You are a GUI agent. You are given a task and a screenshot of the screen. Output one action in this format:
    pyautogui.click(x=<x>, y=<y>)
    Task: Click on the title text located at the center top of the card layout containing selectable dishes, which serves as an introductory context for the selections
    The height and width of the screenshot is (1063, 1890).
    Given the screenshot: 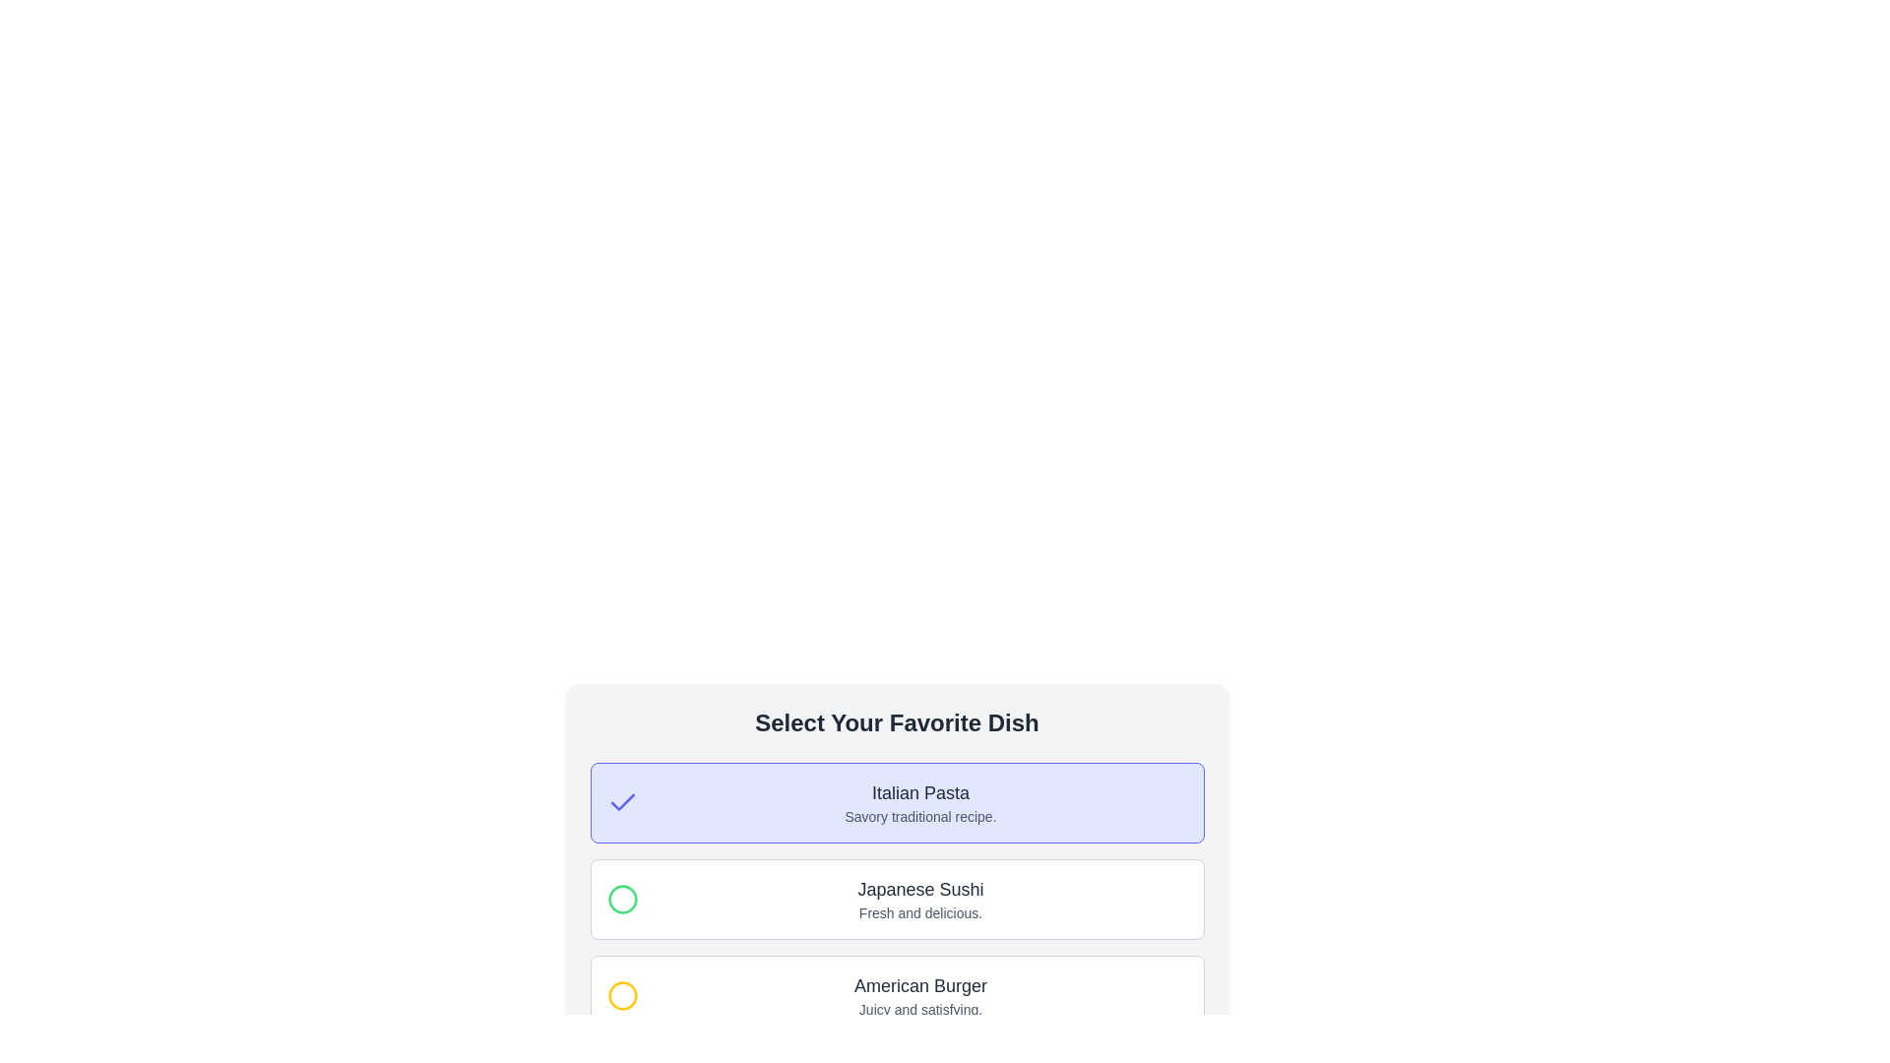 What is the action you would take?
    pyautogui.click(x=896, y=723)
    